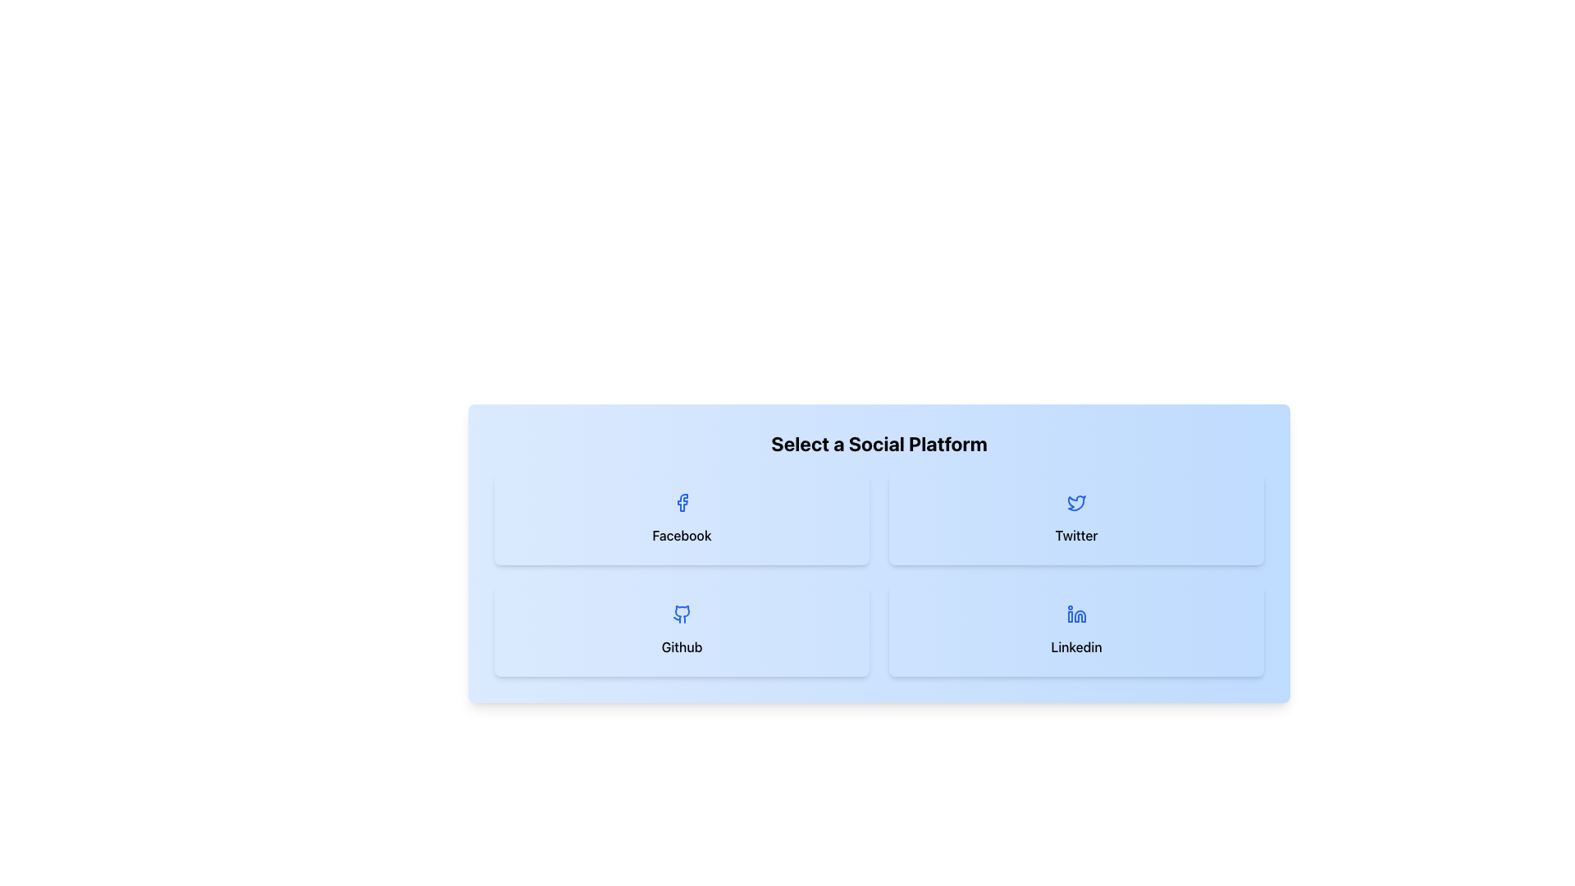 Image resolution: width=1575 pixels, height=886 pixels. What do you see at coordinates (682, 614) in the screenshot?
I see `the blue GitHub icon, which is an outline of a cat, located centrally within a rectangular button with a light blue background in the second row, first column of social platform options` at bounding box center [682, 614].